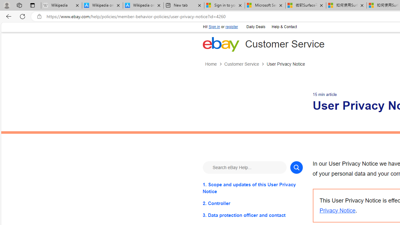 This screenshot has height=225, width=400. What do you see at coordinates (285, 64) in the screenshot?
I see `'User Privacy Notice'` at bounding box center [285, 64].